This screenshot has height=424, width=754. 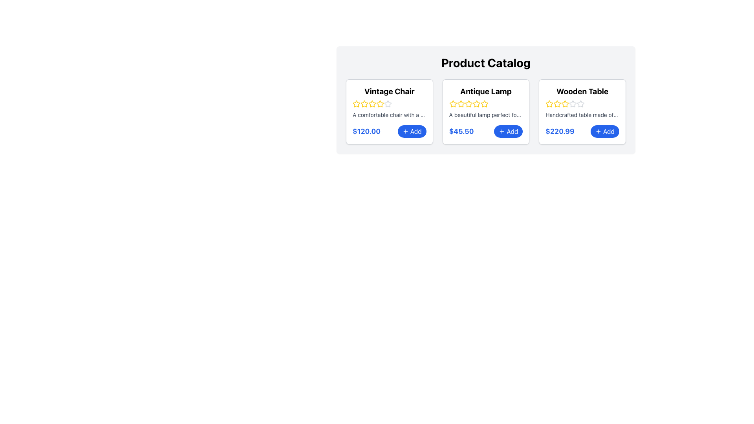 What do you see at coordinates (364, 104) in the screenshot?
I see `the second star icon` at bounding box center [364, 104].